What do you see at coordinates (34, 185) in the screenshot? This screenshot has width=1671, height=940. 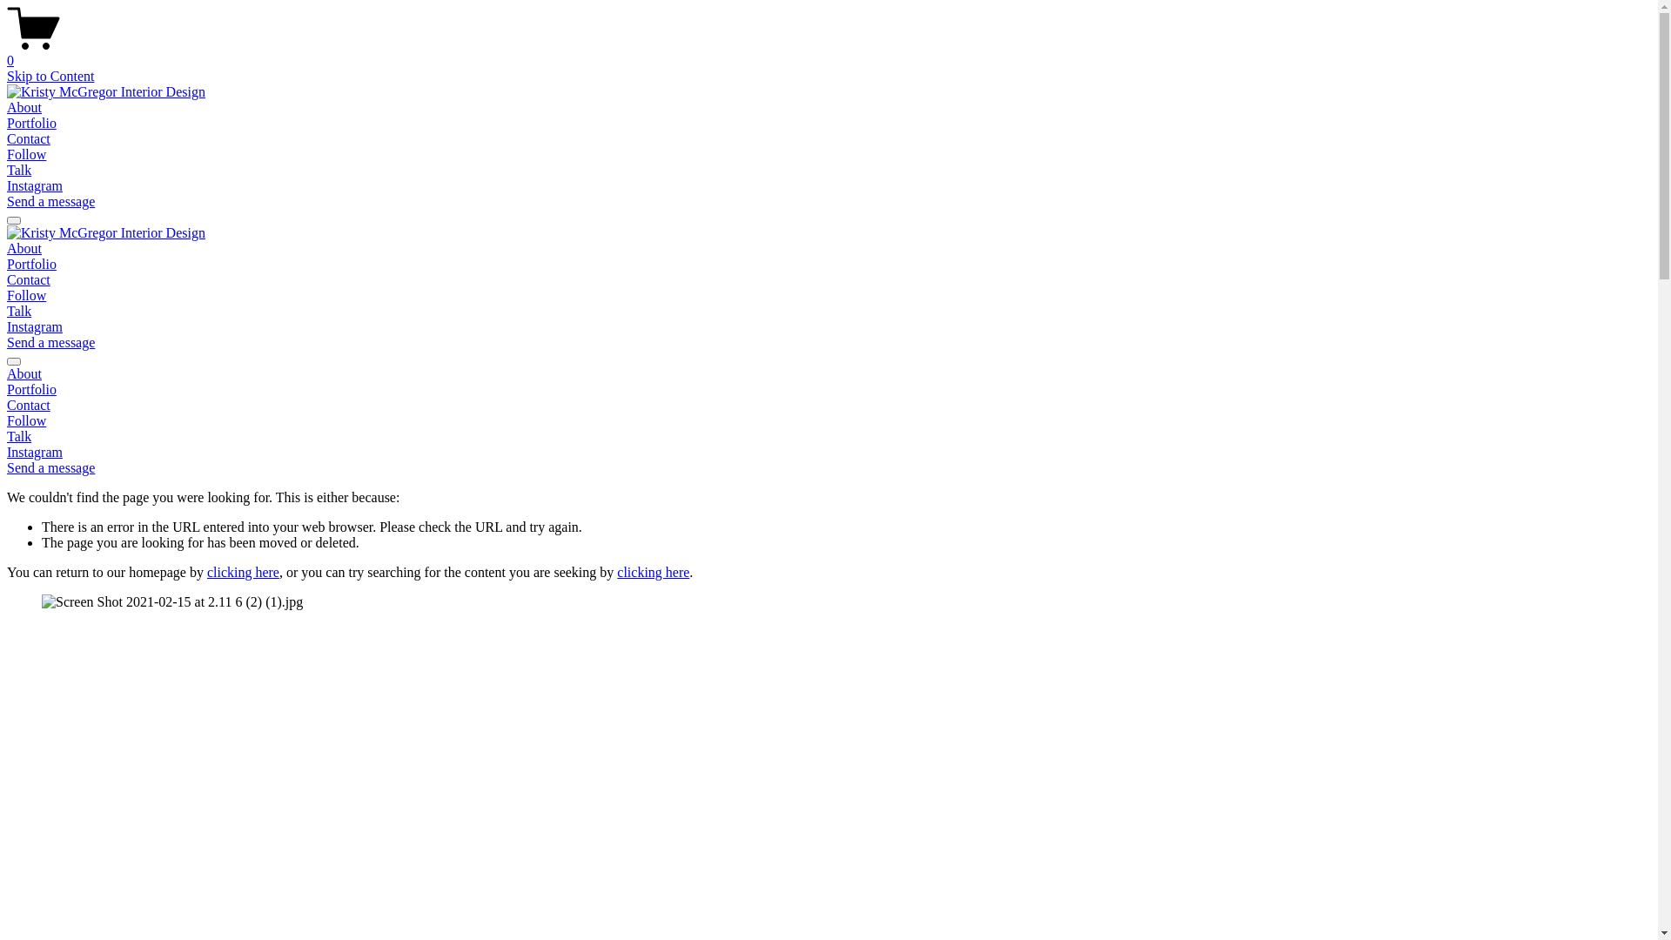 I see `'Instagram'` at bounding box center [34, 185].